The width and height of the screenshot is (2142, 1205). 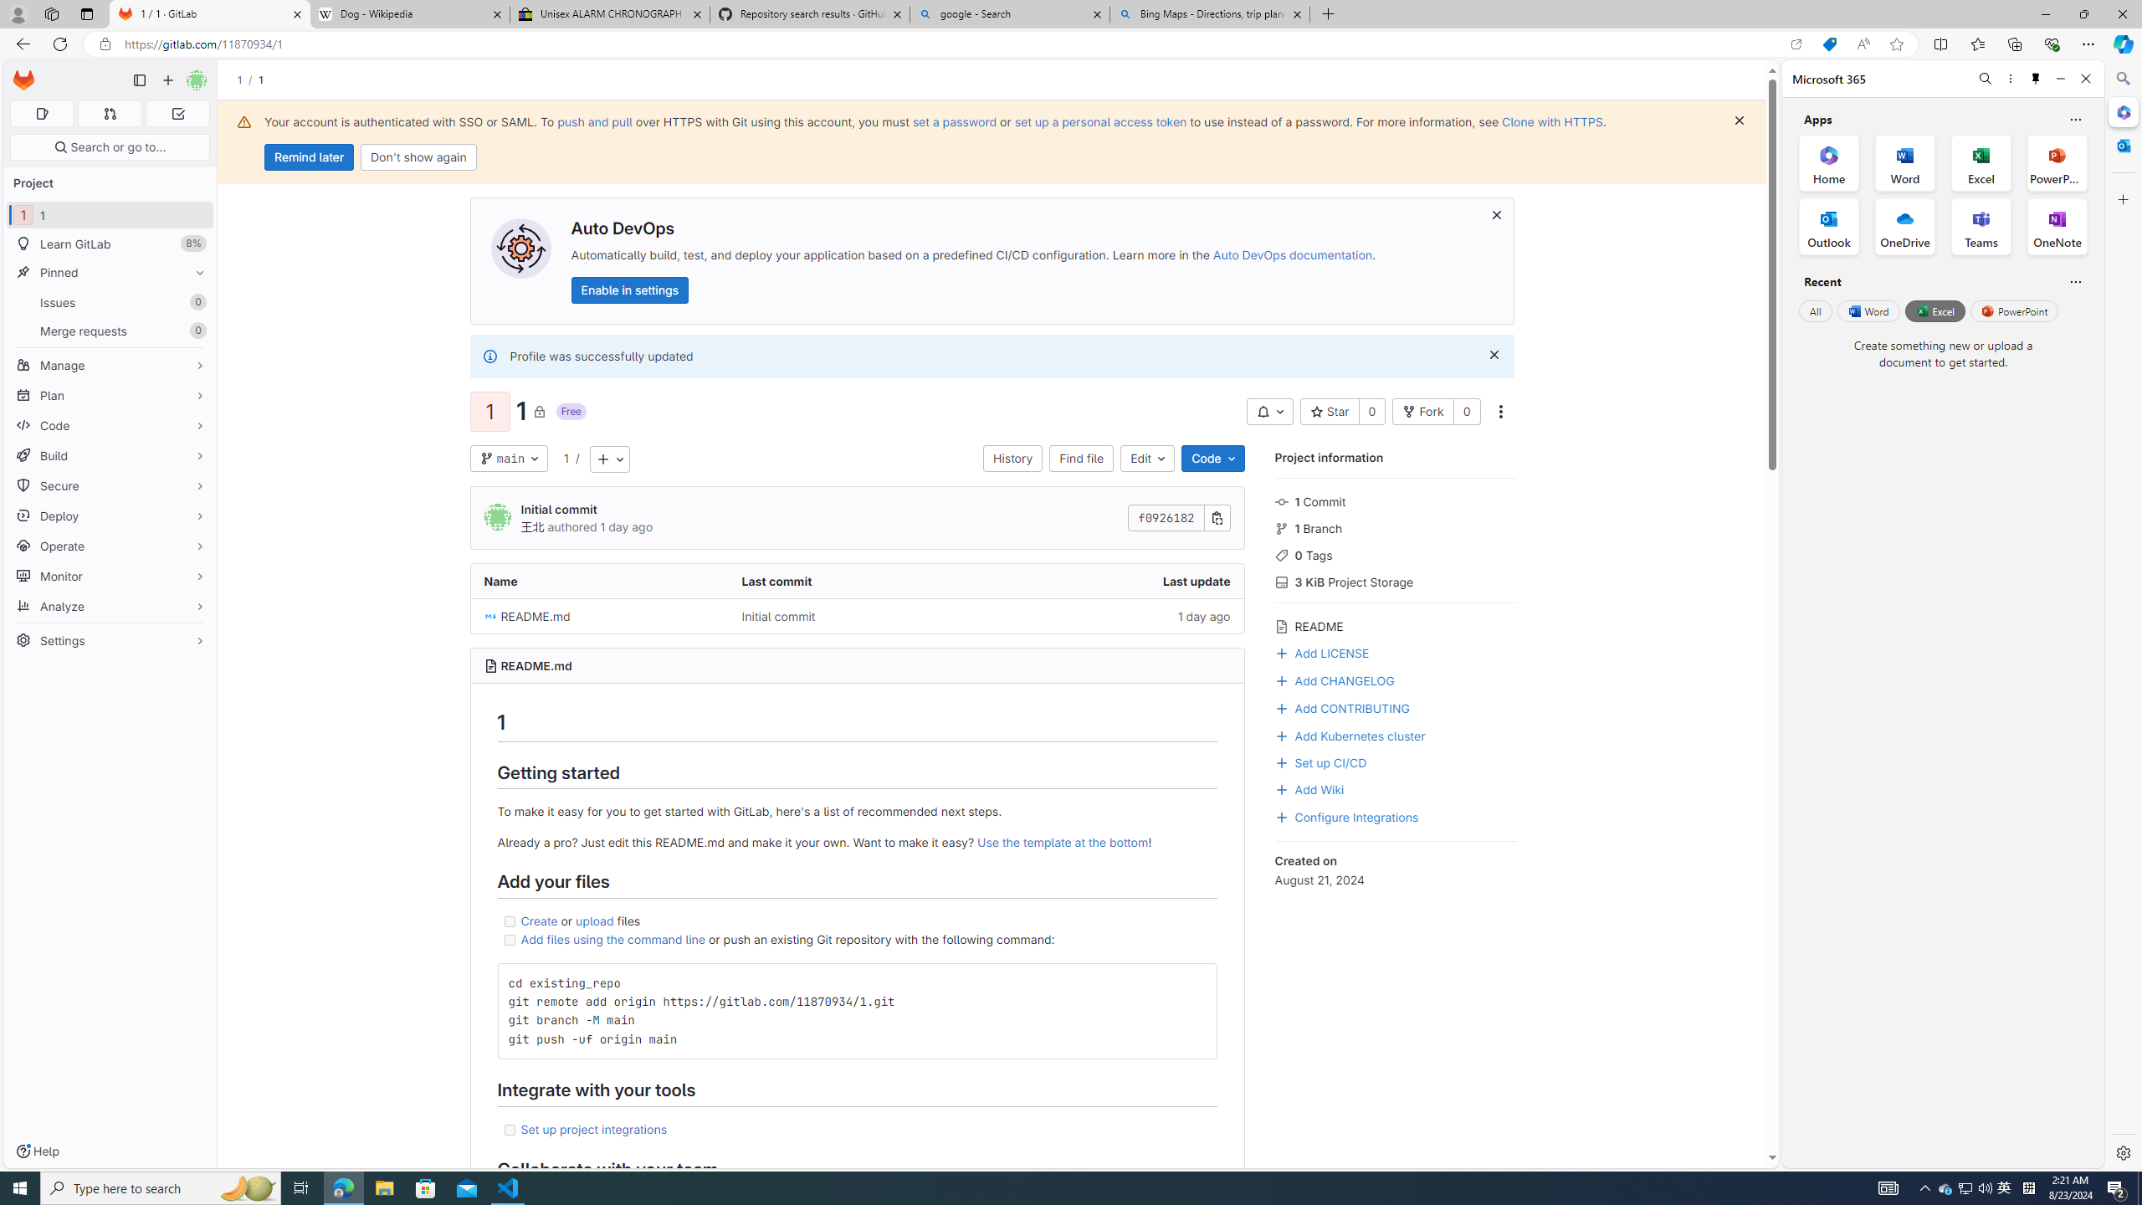 I want to click on 'Issues 0', so click(x=109, y=301).